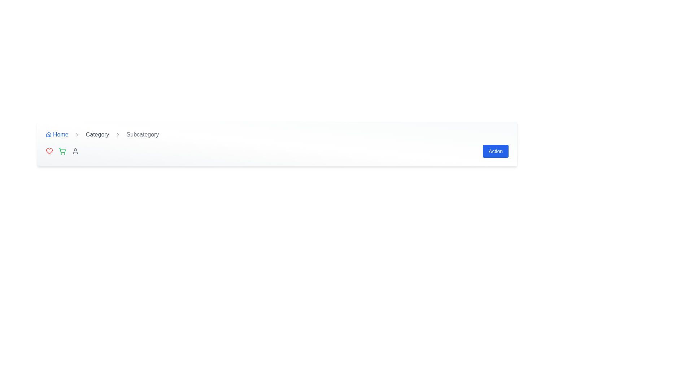  Describe the element at coordinates (97, 134) in the screenshot. I see `the second clickable item` at that location.